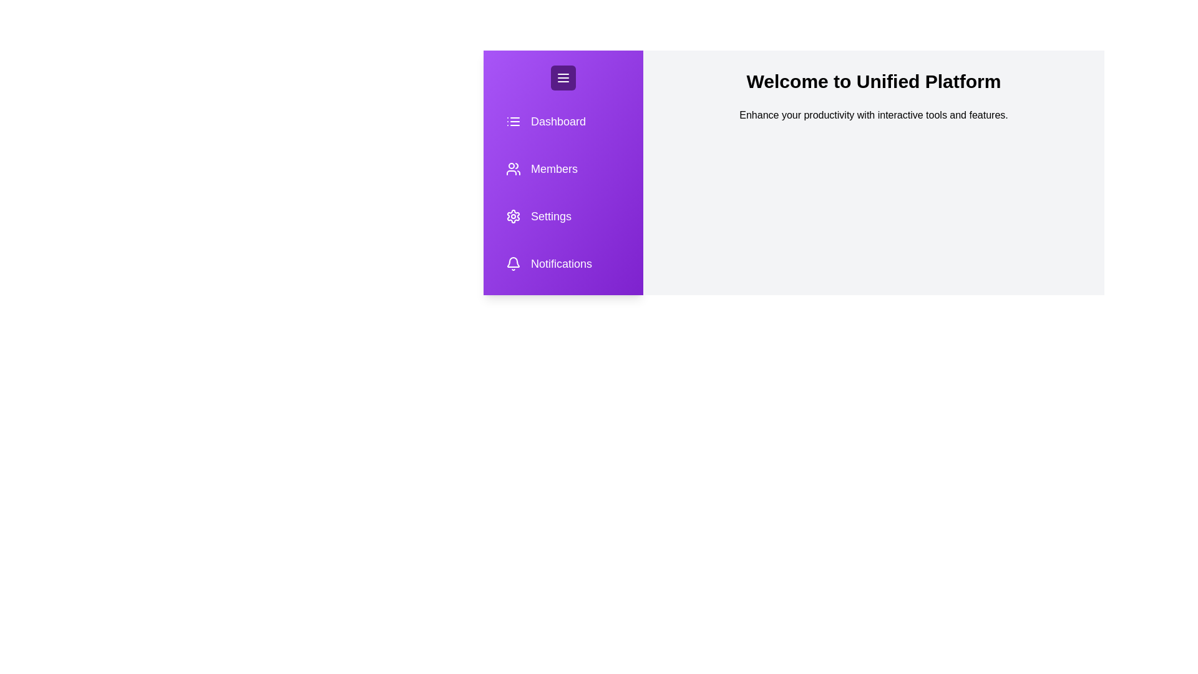 This screenshot has width=1198, height=674. I want to click on the Settings icon in the sidebar to navigate to the corresponding section, so click(562, 216).